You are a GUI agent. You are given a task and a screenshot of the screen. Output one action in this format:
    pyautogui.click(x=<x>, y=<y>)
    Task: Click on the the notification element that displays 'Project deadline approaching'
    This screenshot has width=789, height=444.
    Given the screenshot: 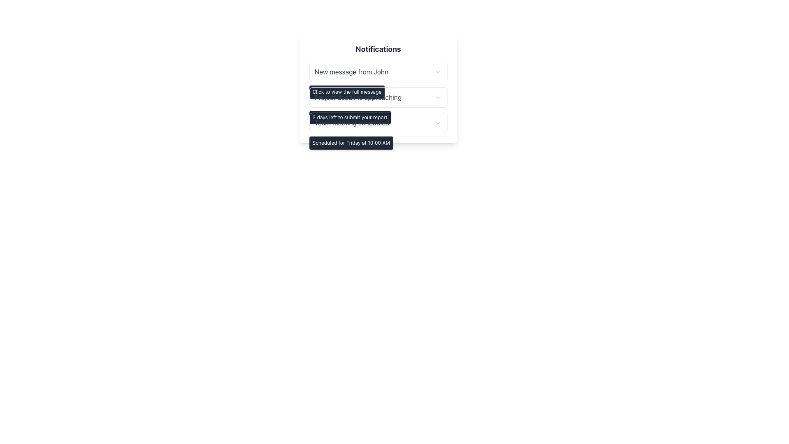 What is the action you would take?
    pyautogui.click(x=378, y=97)
    